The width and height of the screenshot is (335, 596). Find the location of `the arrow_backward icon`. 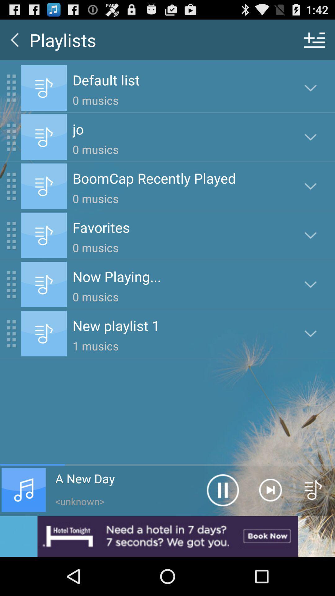

the arrow_backward icon is located at coordinates (14, 42).